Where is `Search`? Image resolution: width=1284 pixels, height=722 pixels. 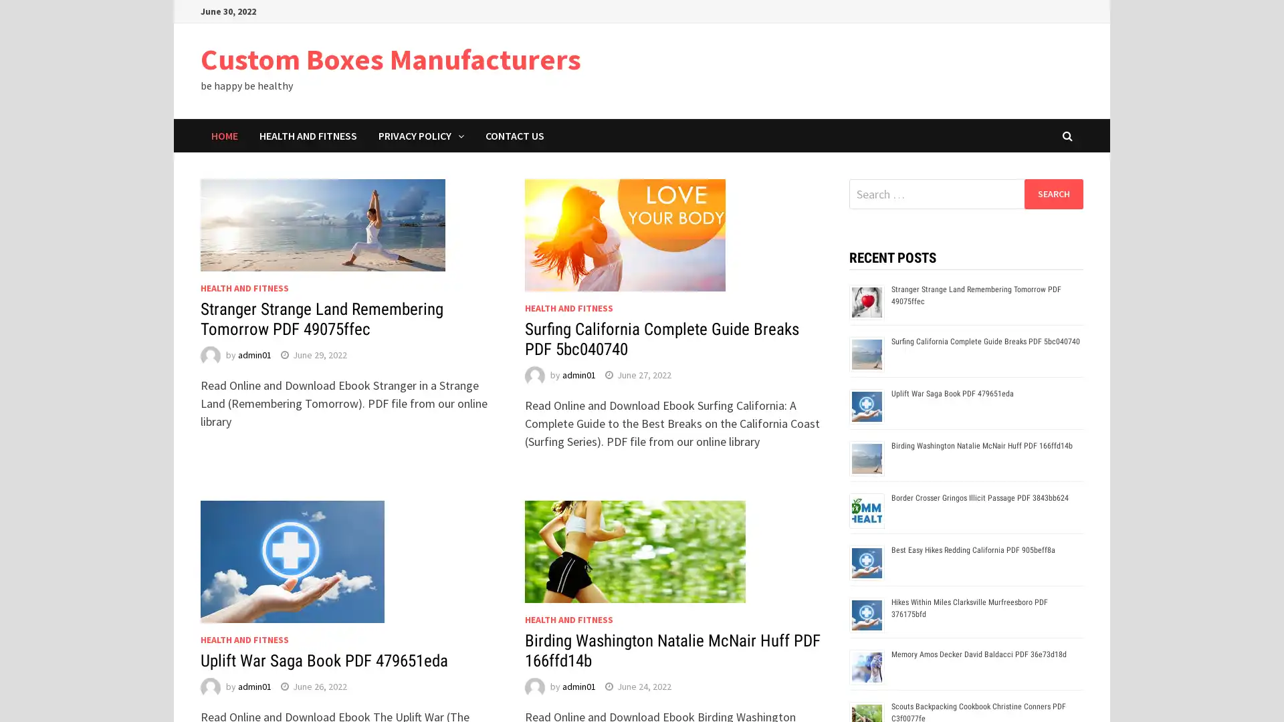 Search is located at coordinates (1053, 193).